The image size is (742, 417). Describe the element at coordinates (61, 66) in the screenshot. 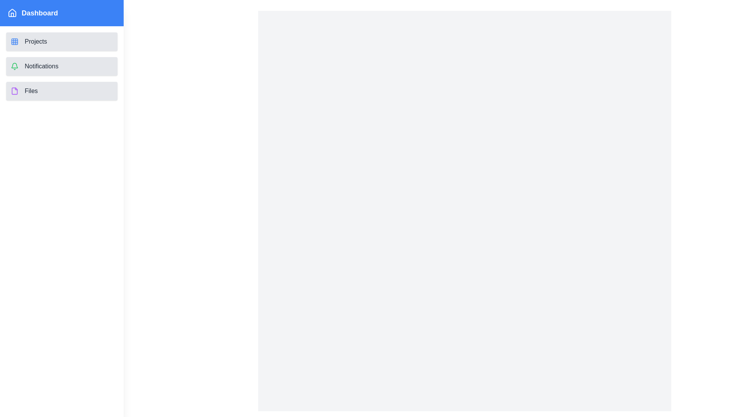

I see `the menu item Notifications to observe its hover effect` at that location.